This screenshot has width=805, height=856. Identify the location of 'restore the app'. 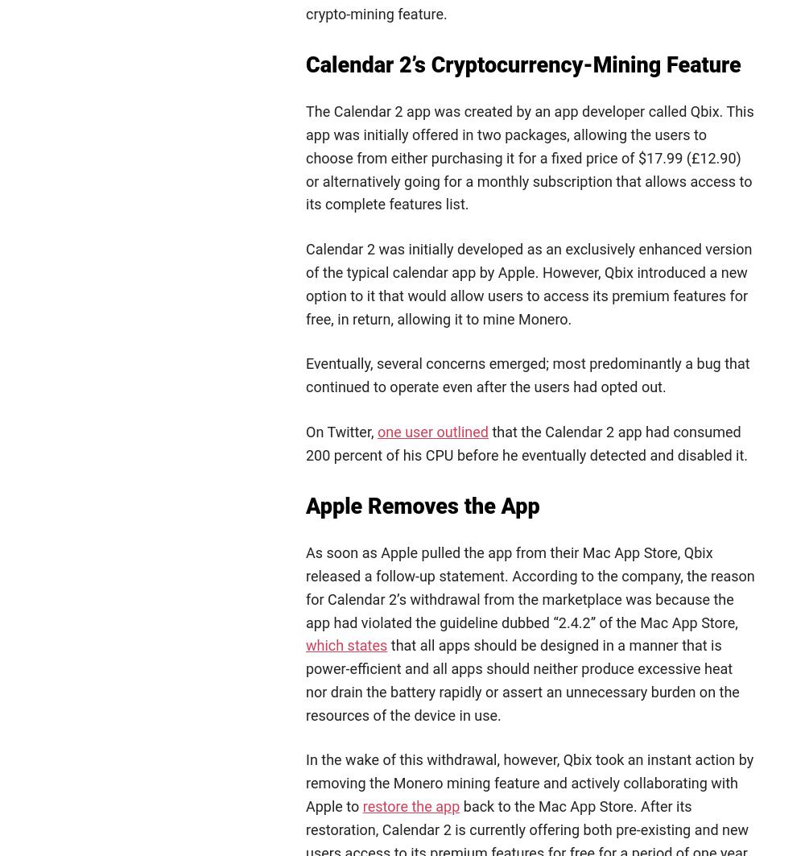
(411, 805).